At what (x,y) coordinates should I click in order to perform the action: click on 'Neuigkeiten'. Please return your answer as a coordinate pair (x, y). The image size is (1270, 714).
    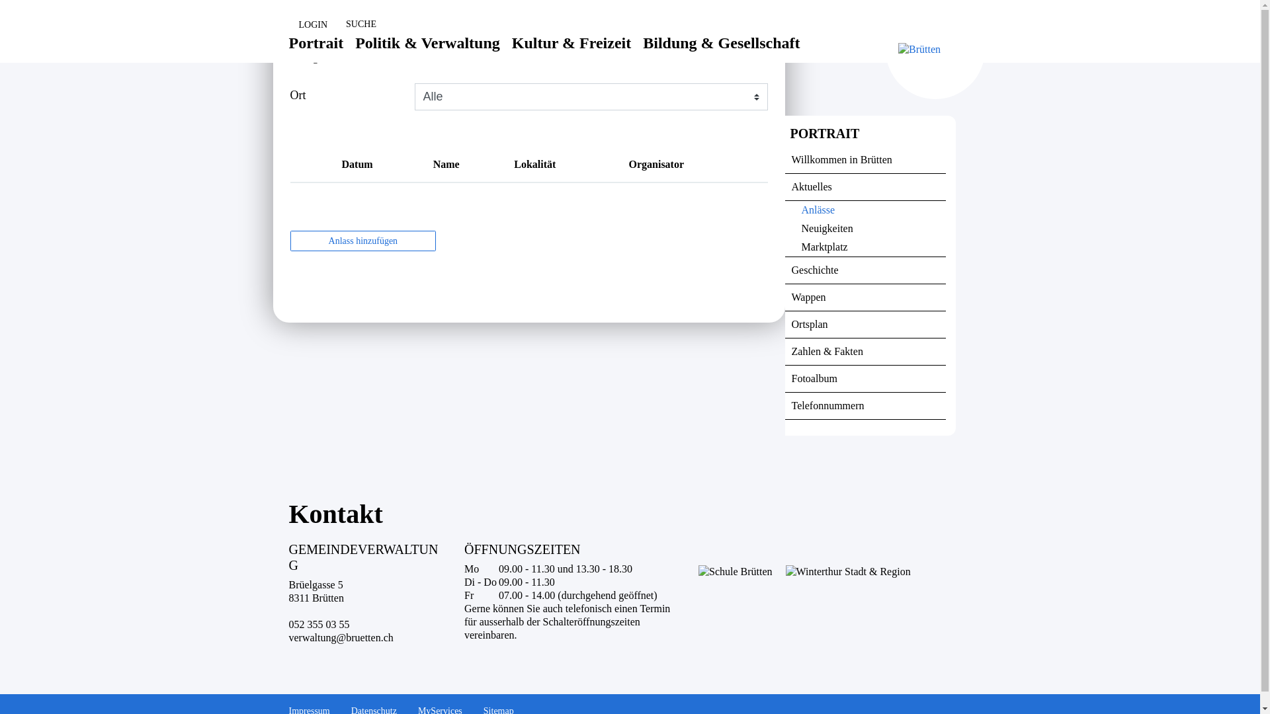
    Looking at the image, I should click on (865, 228).